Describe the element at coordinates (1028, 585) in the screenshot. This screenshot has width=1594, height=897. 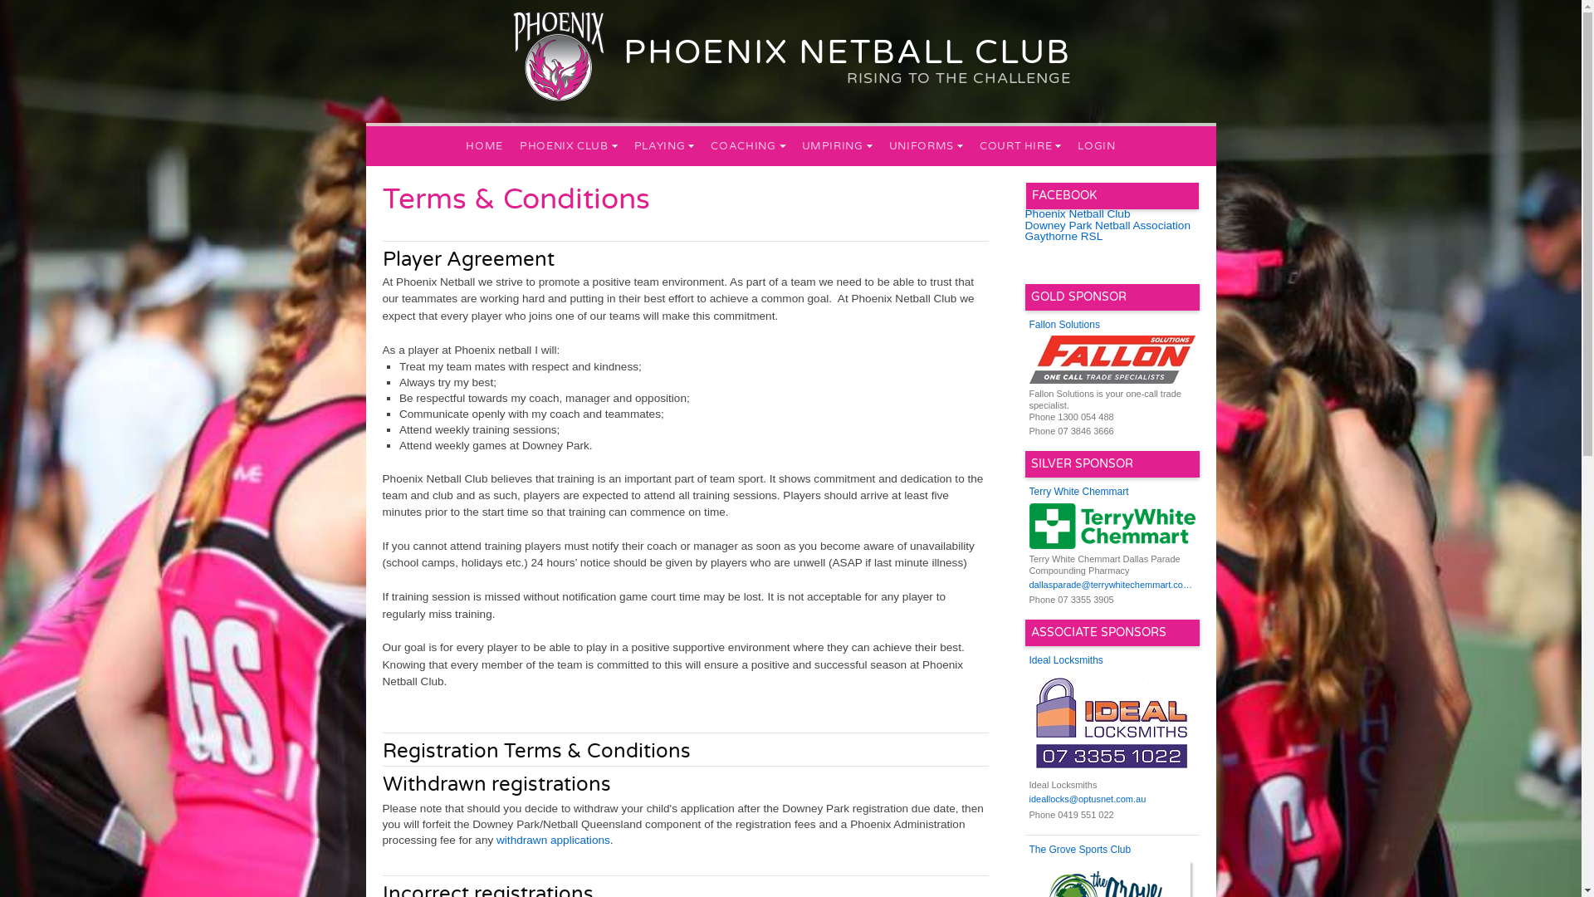
I see `'dallasparade@terrywhitechemmart.com.au'` at that location.